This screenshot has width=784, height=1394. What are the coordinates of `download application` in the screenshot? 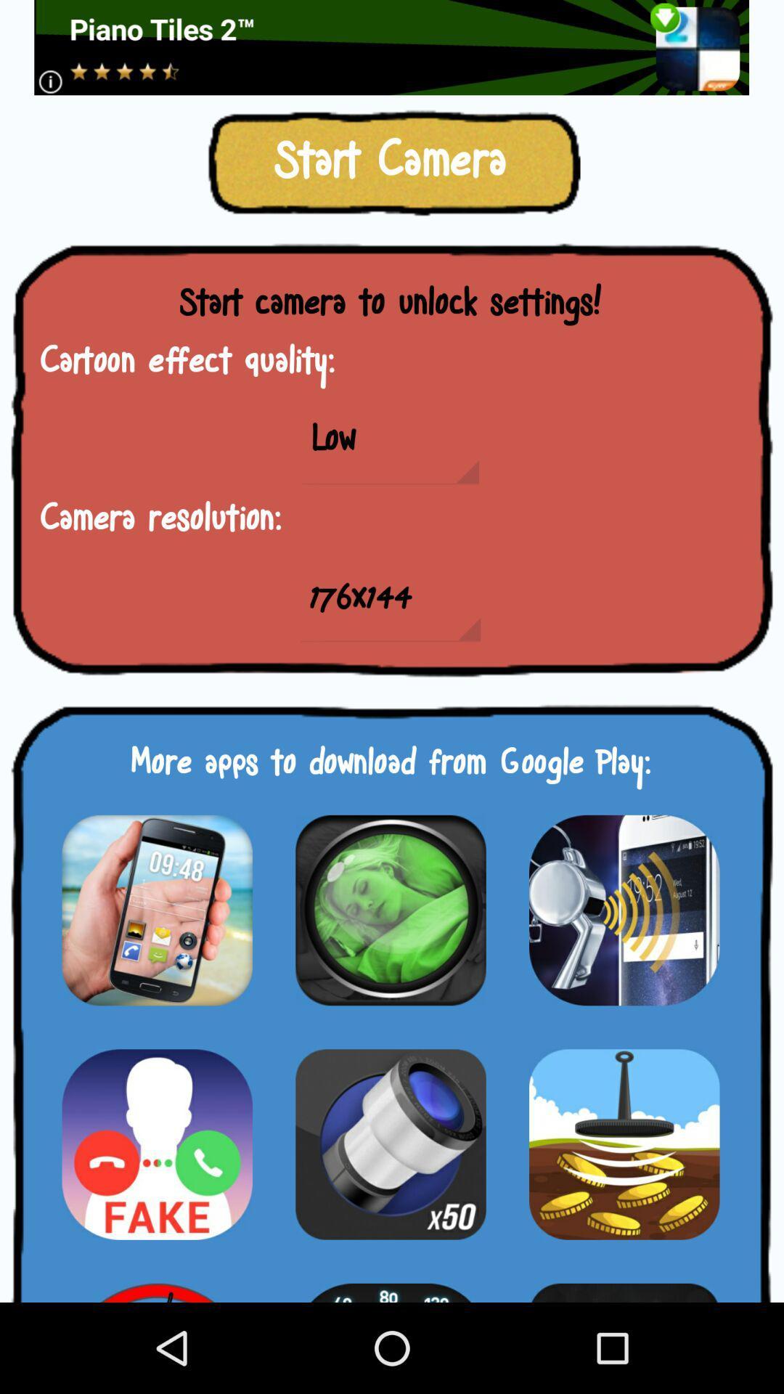 It's located at (390, 1144).